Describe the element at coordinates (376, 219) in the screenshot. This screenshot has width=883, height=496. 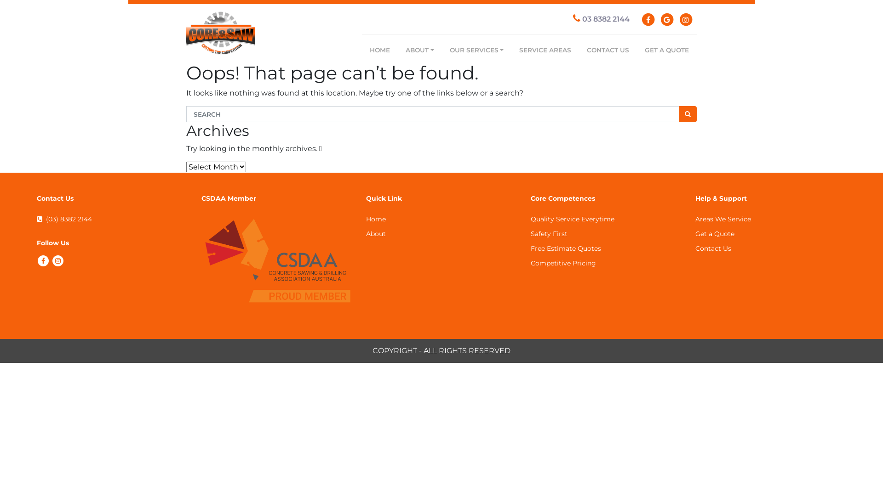
I see `'Home'` at that location.